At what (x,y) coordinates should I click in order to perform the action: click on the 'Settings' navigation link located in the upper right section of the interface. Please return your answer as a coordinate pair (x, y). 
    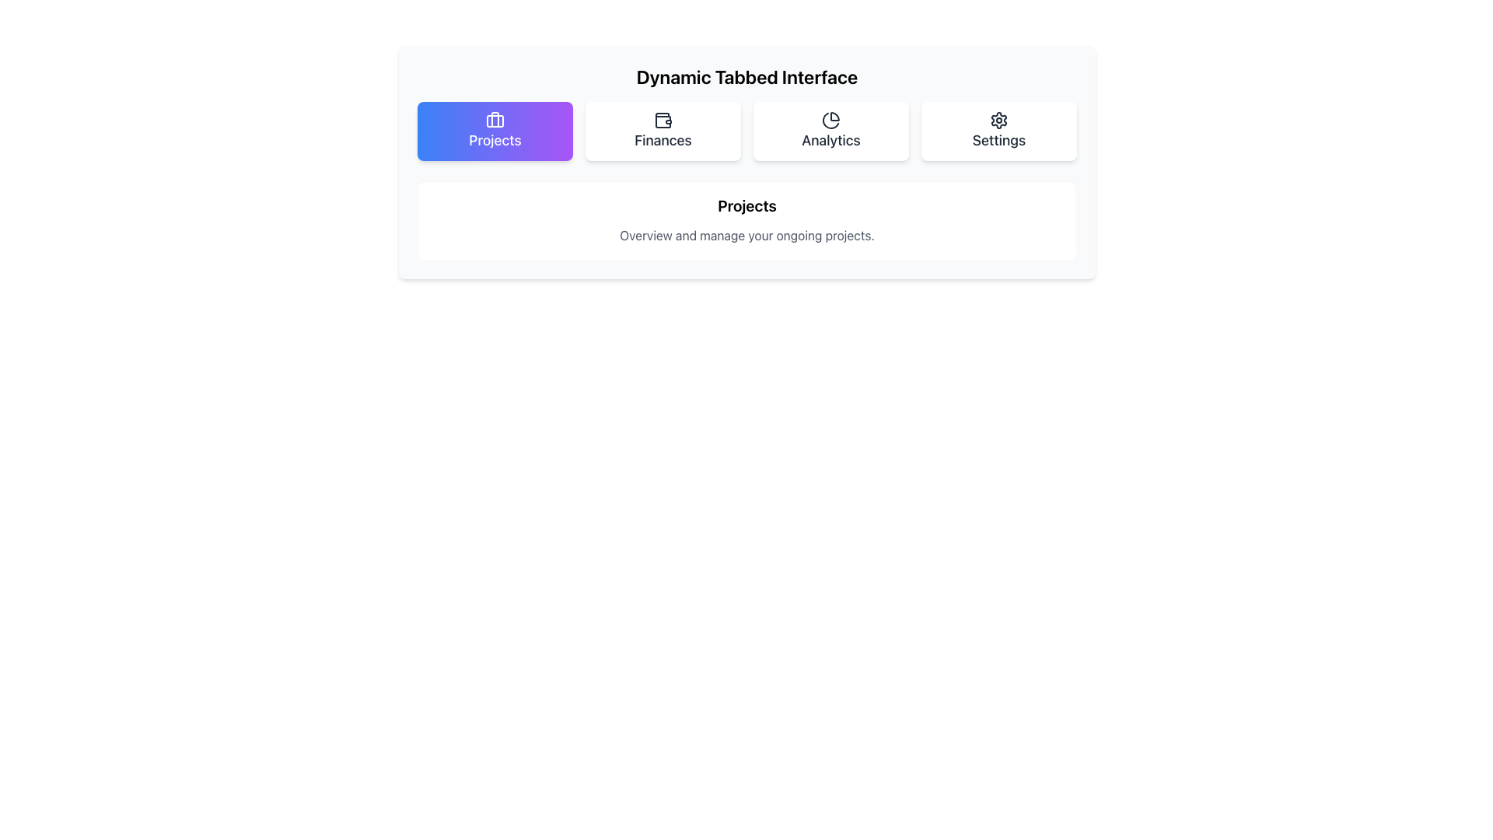
    Looking at the image, I should click on (999, 131).